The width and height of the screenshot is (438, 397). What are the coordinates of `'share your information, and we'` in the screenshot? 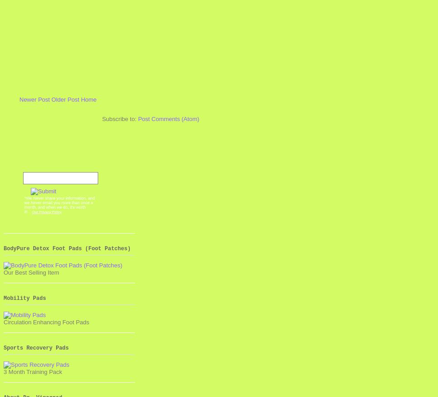 It's located at (59, 200).